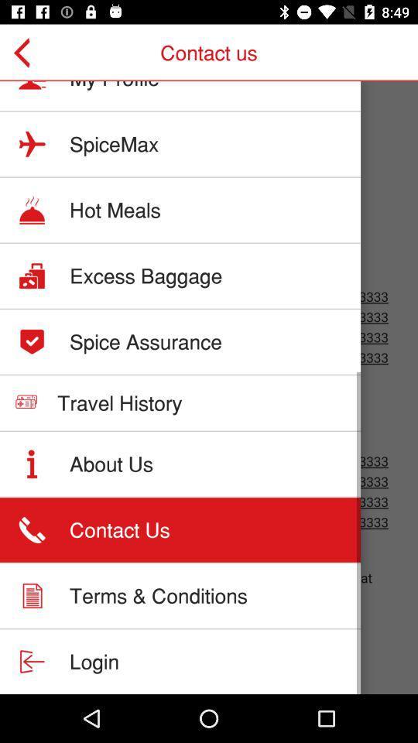 Image resolution: width=418 pixels, height=743 pixels. What do you see at coordinates (146, 341) in the screenshot?
I see `item below the excess baggage item` at bounding box center [146, 341].